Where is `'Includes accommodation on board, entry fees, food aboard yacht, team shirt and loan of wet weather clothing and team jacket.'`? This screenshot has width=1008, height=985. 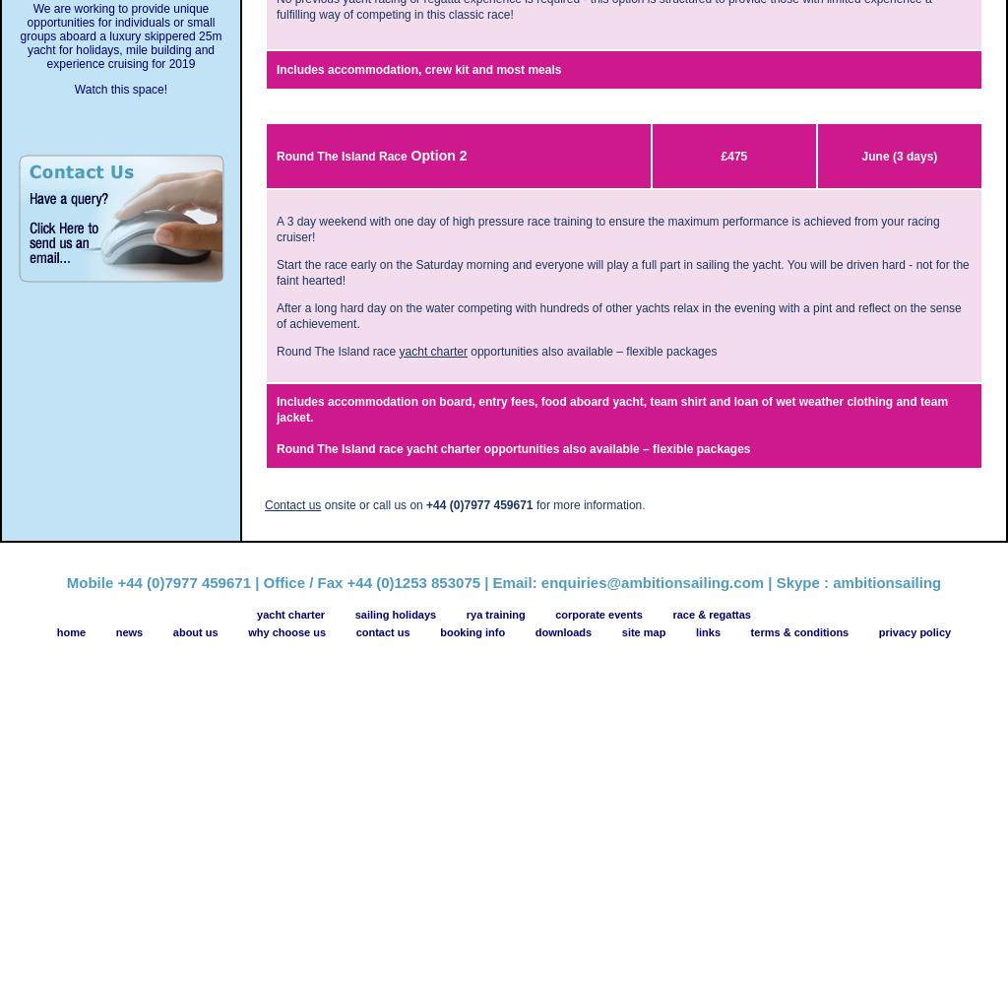 'Includes accommodation on board, entry fees, food aboard yacht, team shirt and loan of wet weather clothing and team jacket.' is located at coordinates (276, 410).